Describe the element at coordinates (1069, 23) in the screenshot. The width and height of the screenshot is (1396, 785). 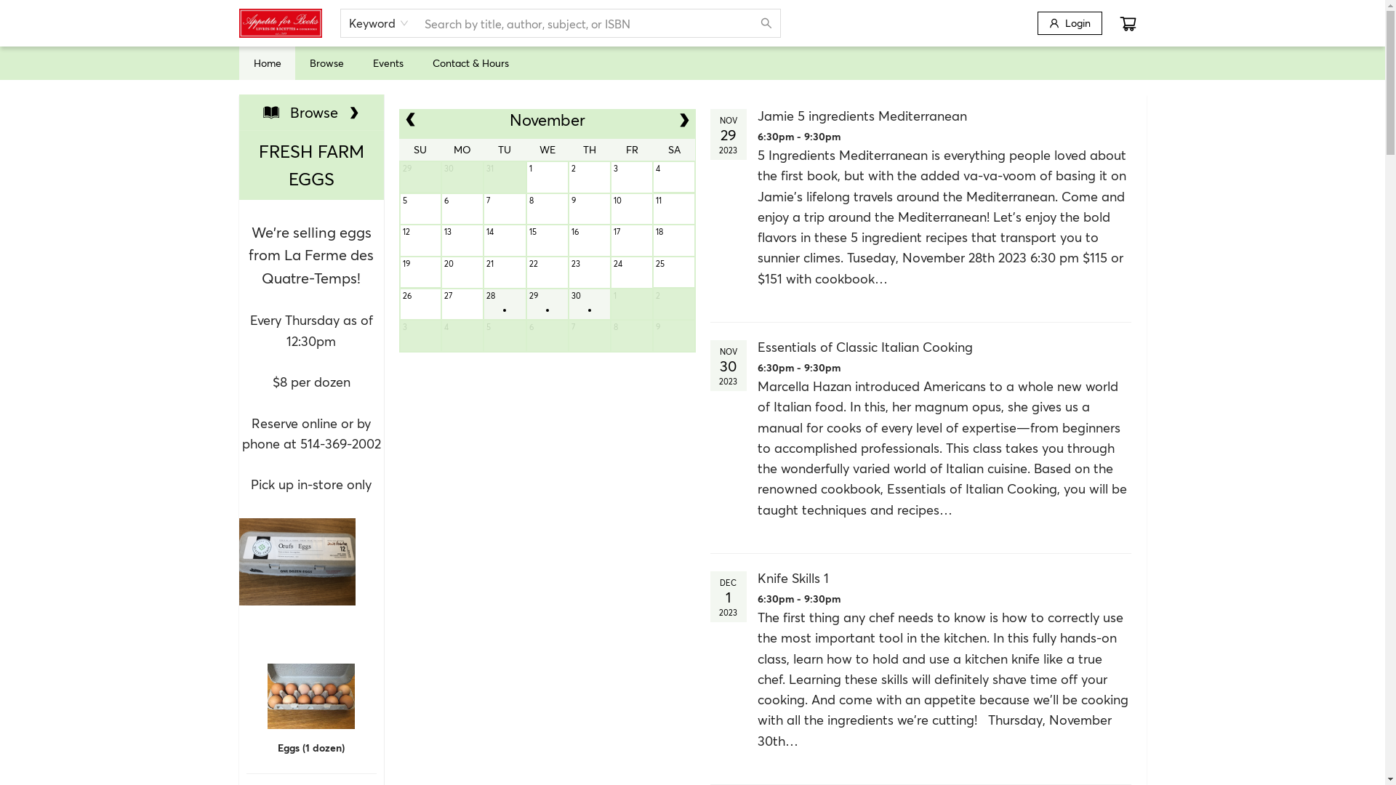
I see `'Login'` at that location.